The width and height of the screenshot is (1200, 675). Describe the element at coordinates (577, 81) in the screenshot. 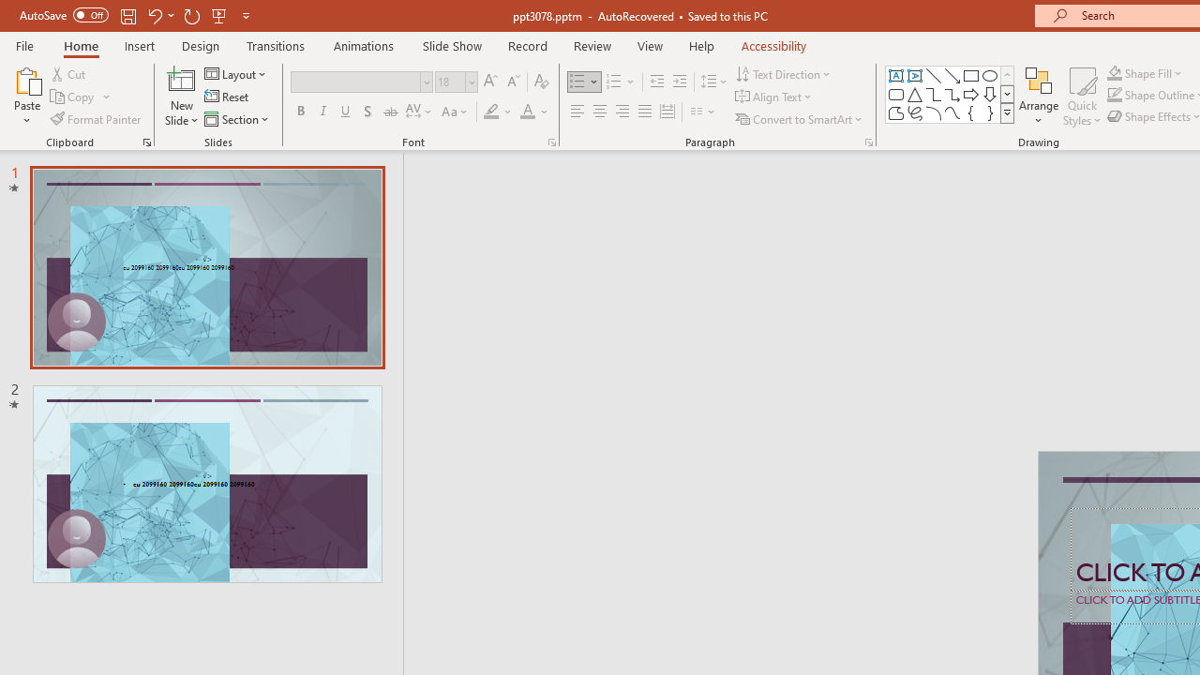

I see `'Bullets'` at that location.